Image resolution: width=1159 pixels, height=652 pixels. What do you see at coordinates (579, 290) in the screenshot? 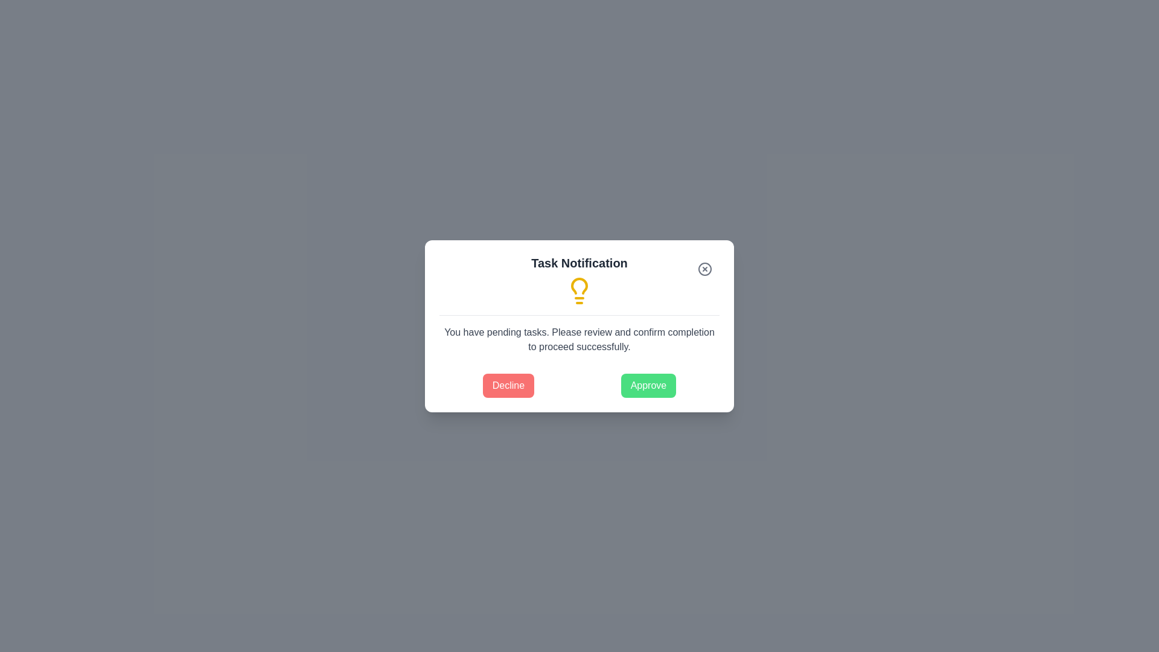
I see `the notification icon by moving the cursor to its center` at bounding box center [579, 290].